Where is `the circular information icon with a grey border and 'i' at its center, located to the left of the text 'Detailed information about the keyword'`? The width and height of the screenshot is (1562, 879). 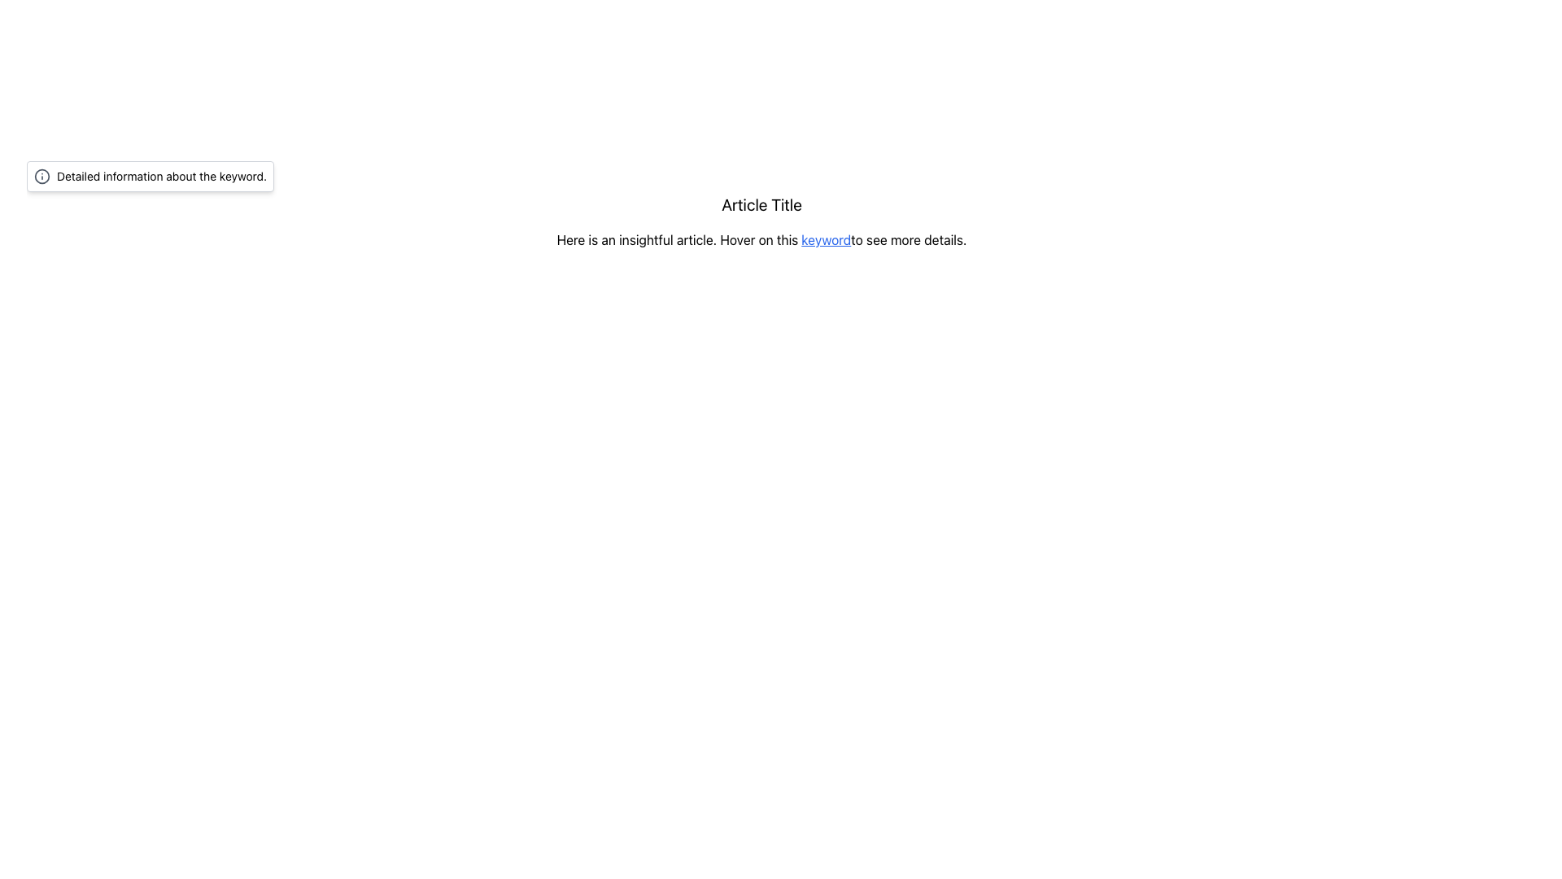 the circular information icon with a grey border and 'i' at its center, located to the left of the text 'Detailed information about the keyword' is located at coordinates (42, 176).